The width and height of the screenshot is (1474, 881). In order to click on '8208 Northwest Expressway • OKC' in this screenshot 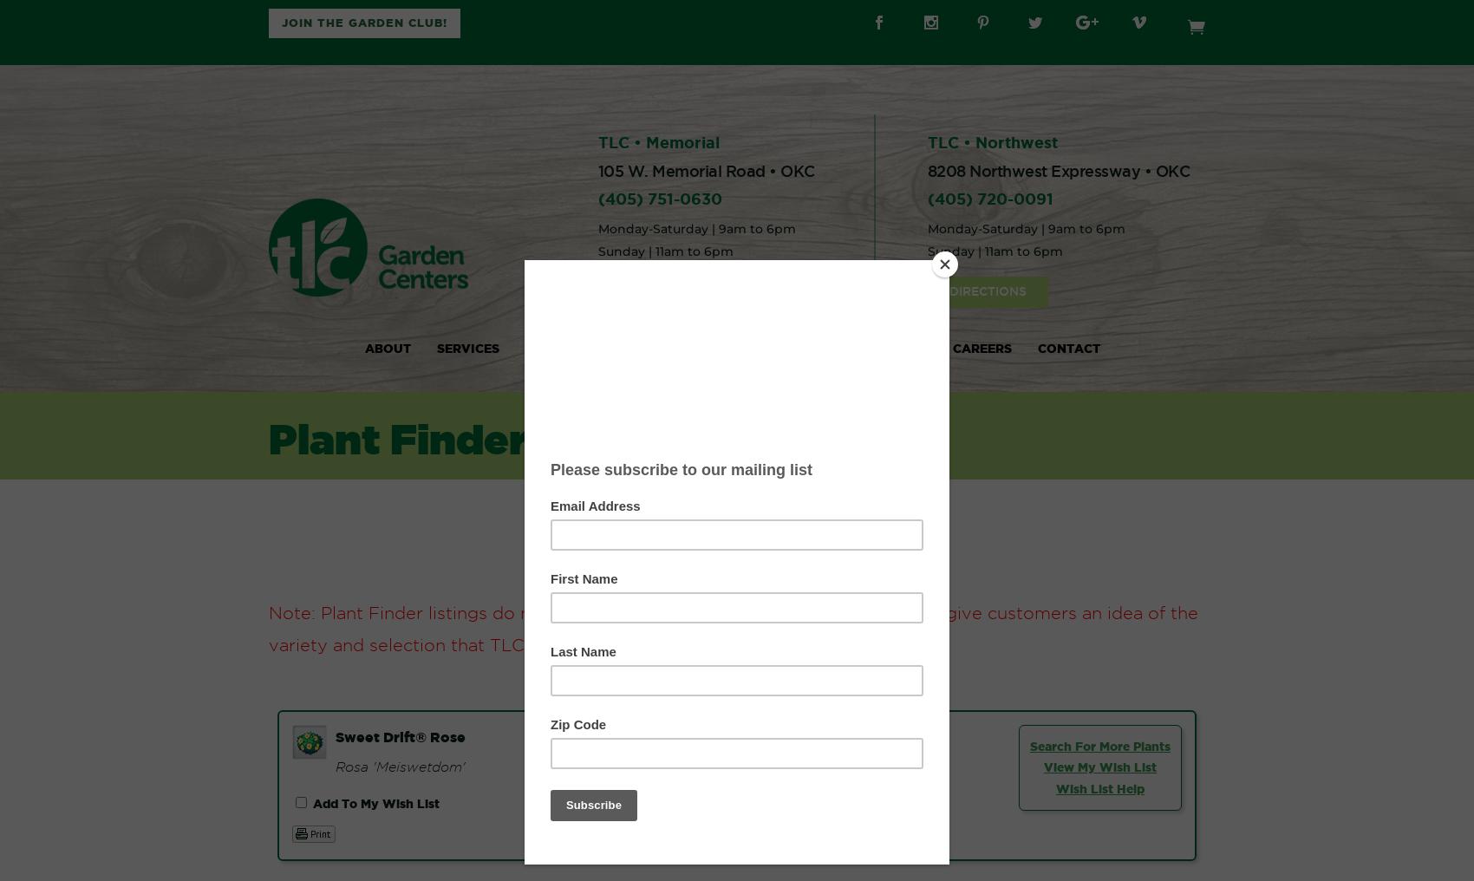, I will do `click(1057, 170)`.